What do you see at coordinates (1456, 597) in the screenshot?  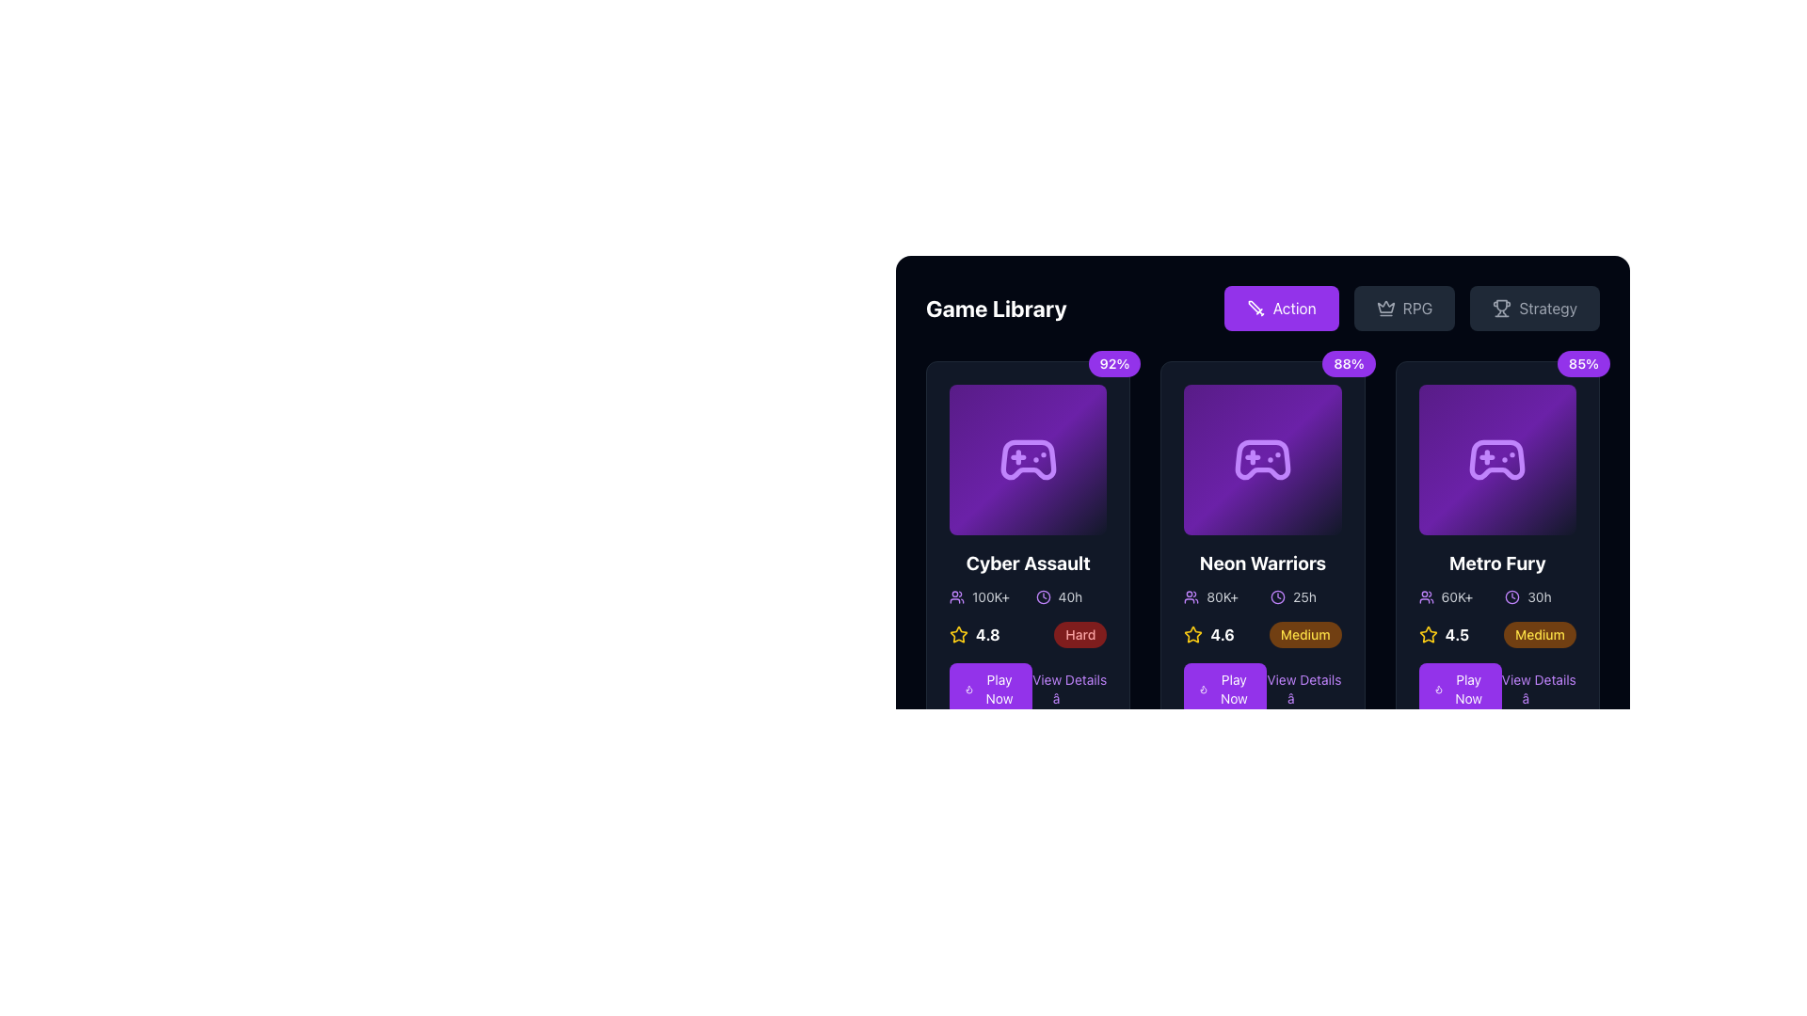 I see `the text label displaying '60K+' which is styled in gray color and smaller font size, located above the '4.5' rating and '30h' play duration in the game details for 'Metro Fury'` at bounding box center [1456, 597].